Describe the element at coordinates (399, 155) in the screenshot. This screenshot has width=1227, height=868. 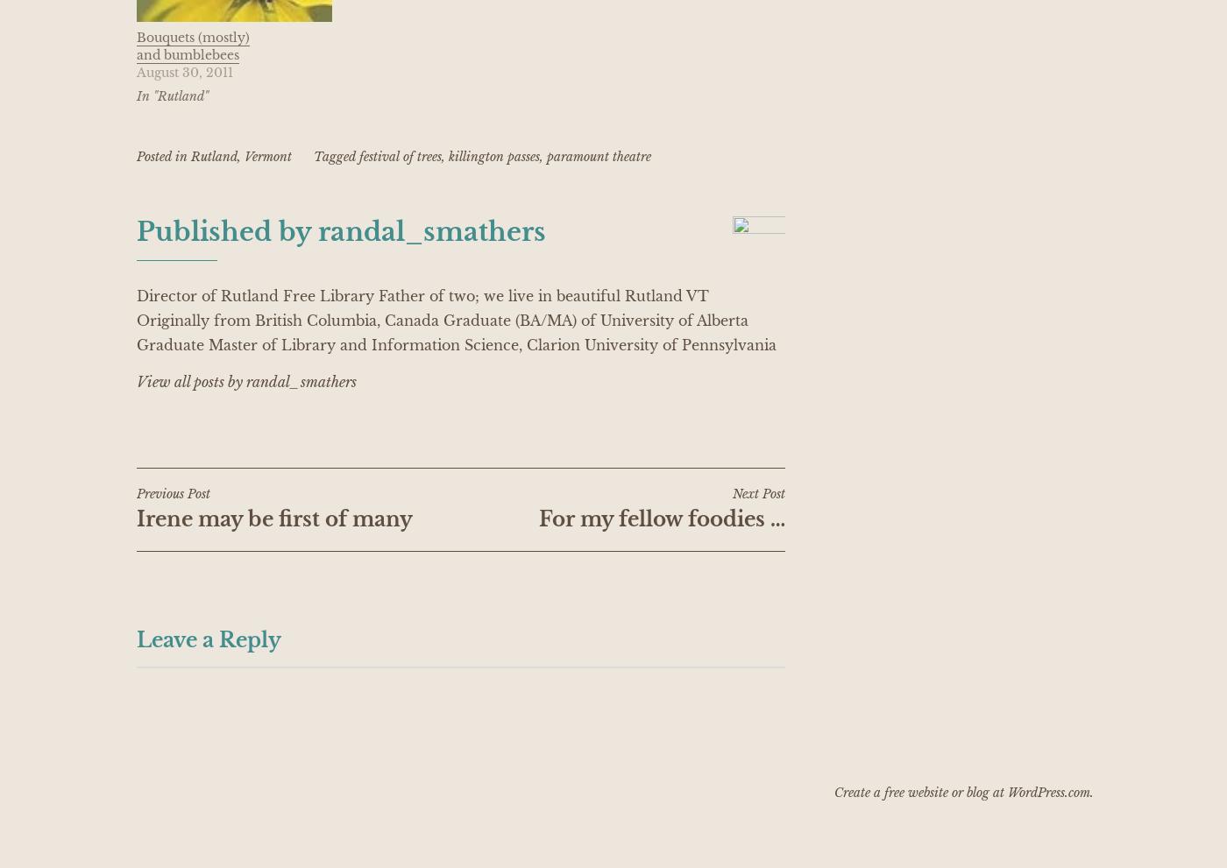
I see `'festival of trees'` at that location.